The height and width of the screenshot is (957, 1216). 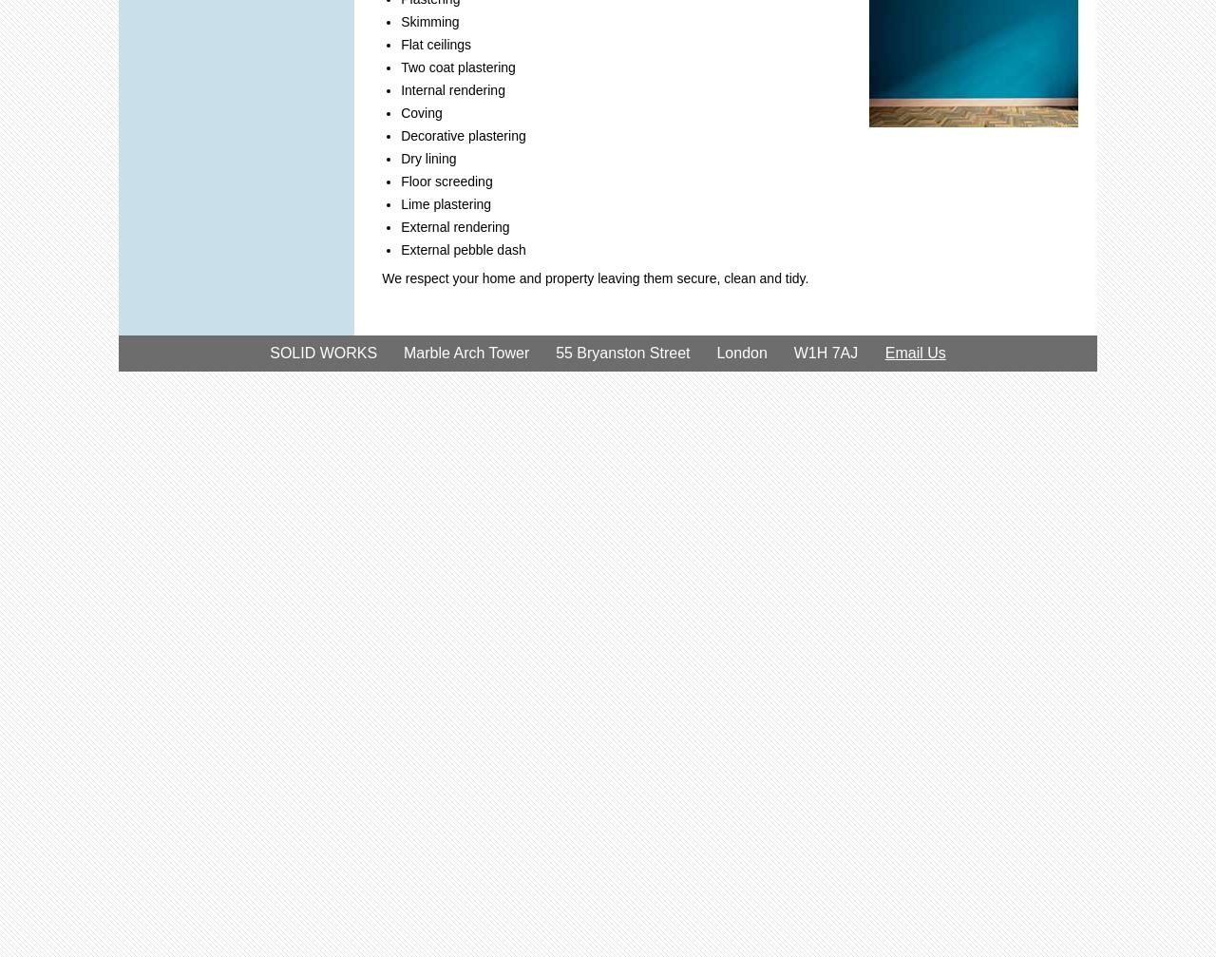 I want to click on 'Marble Arch Tower', so click(x=466, y=353).